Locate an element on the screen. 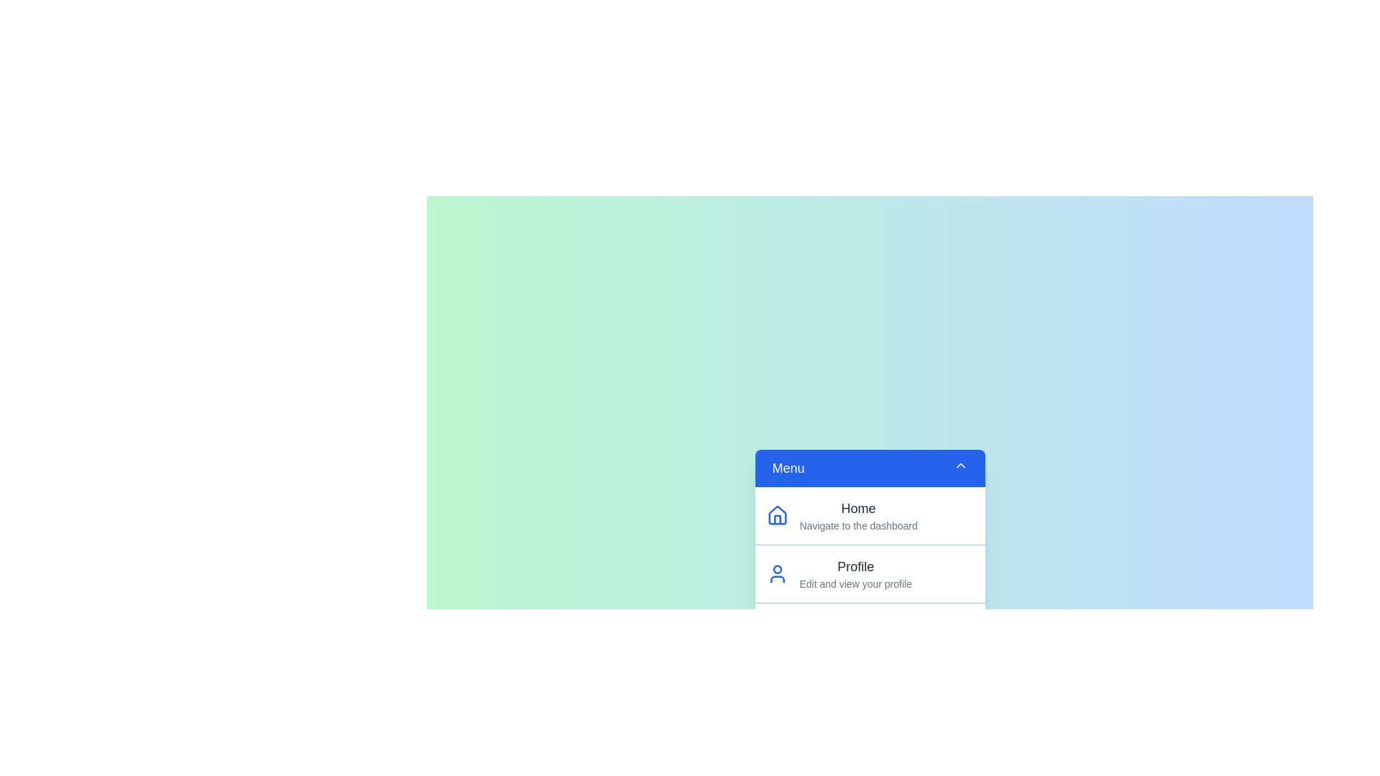 This screenshot has width=1380, height=776. the menu toggle button to close the menu is located at coordinates (869, 468).